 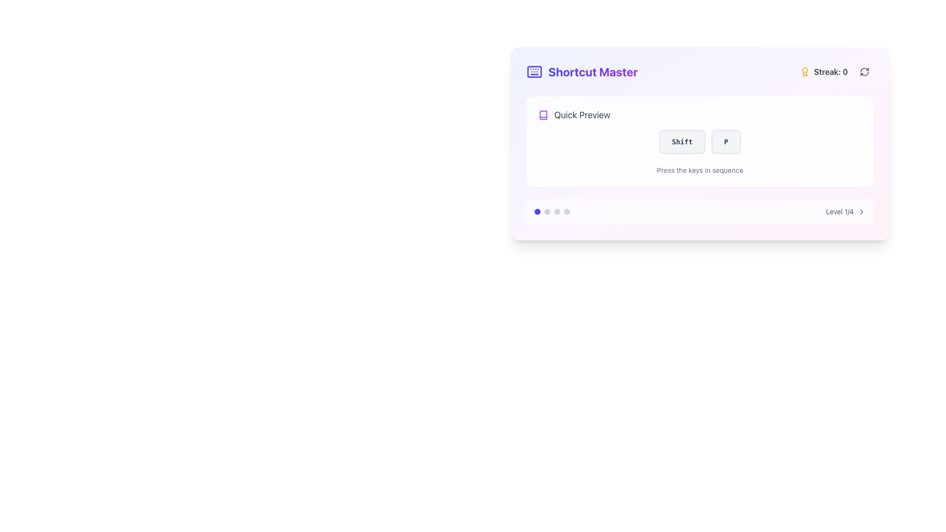 I want to click on the fourth circular dot indicator, which is light gray and part of the carousel or progress tracker at the bottom of the 'Shortcut Master' layout, so click(x=567, y=211).